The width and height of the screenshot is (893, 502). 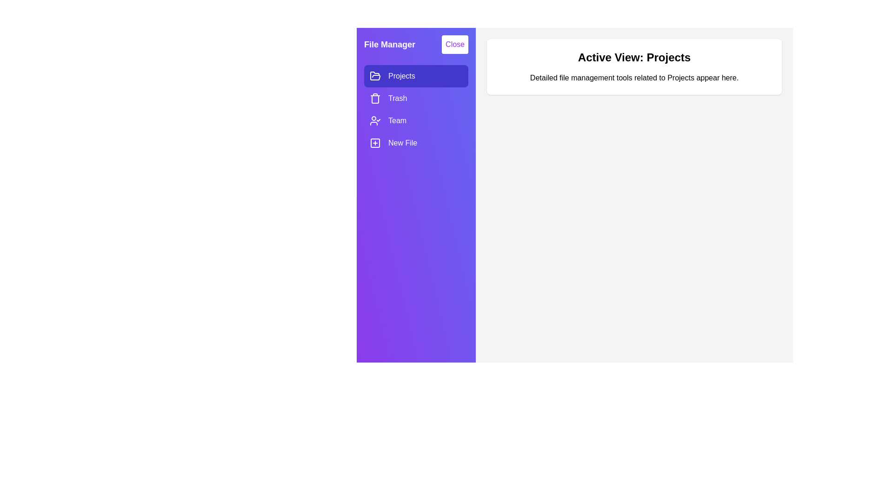 What do you see at coordinates (415, 143) in the screenshot?
I see `the item New File in the drawer` at bounding box center [415, 143].